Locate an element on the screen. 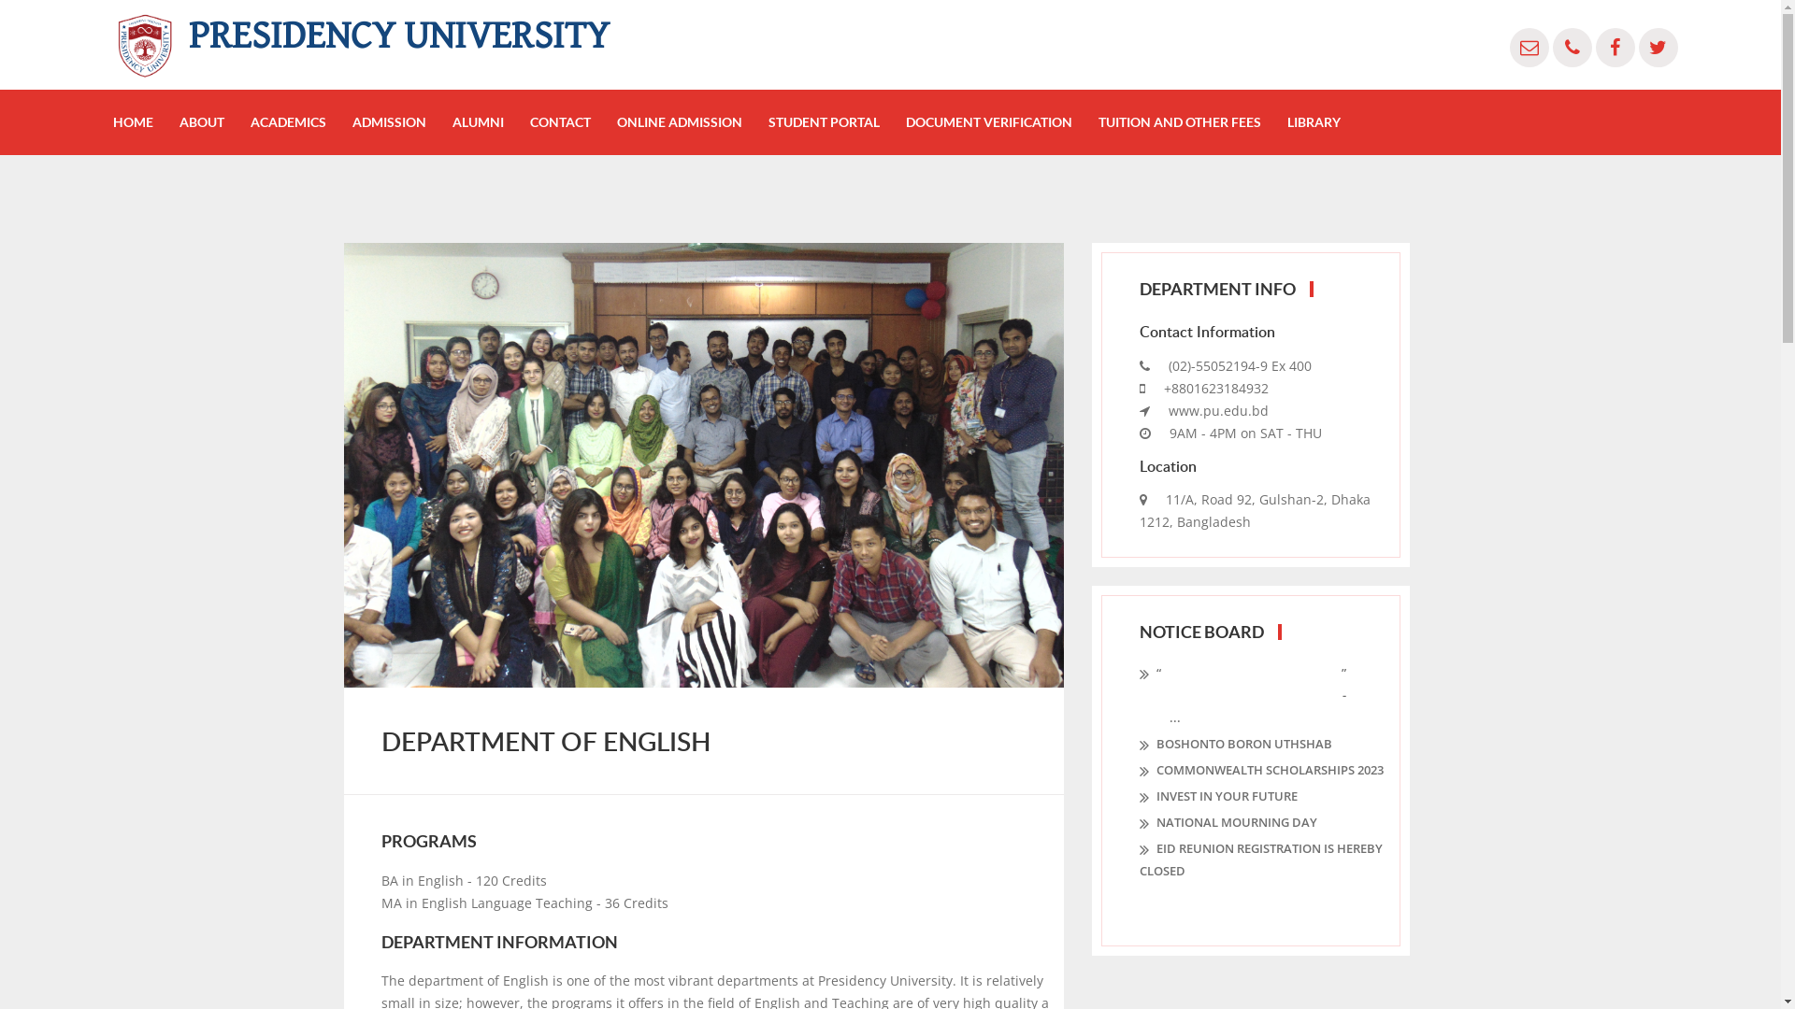 Image resolution: width=1795 pixels, height=1009 pixels. 'LIBRARY' is located at coordinates (1286, 122).